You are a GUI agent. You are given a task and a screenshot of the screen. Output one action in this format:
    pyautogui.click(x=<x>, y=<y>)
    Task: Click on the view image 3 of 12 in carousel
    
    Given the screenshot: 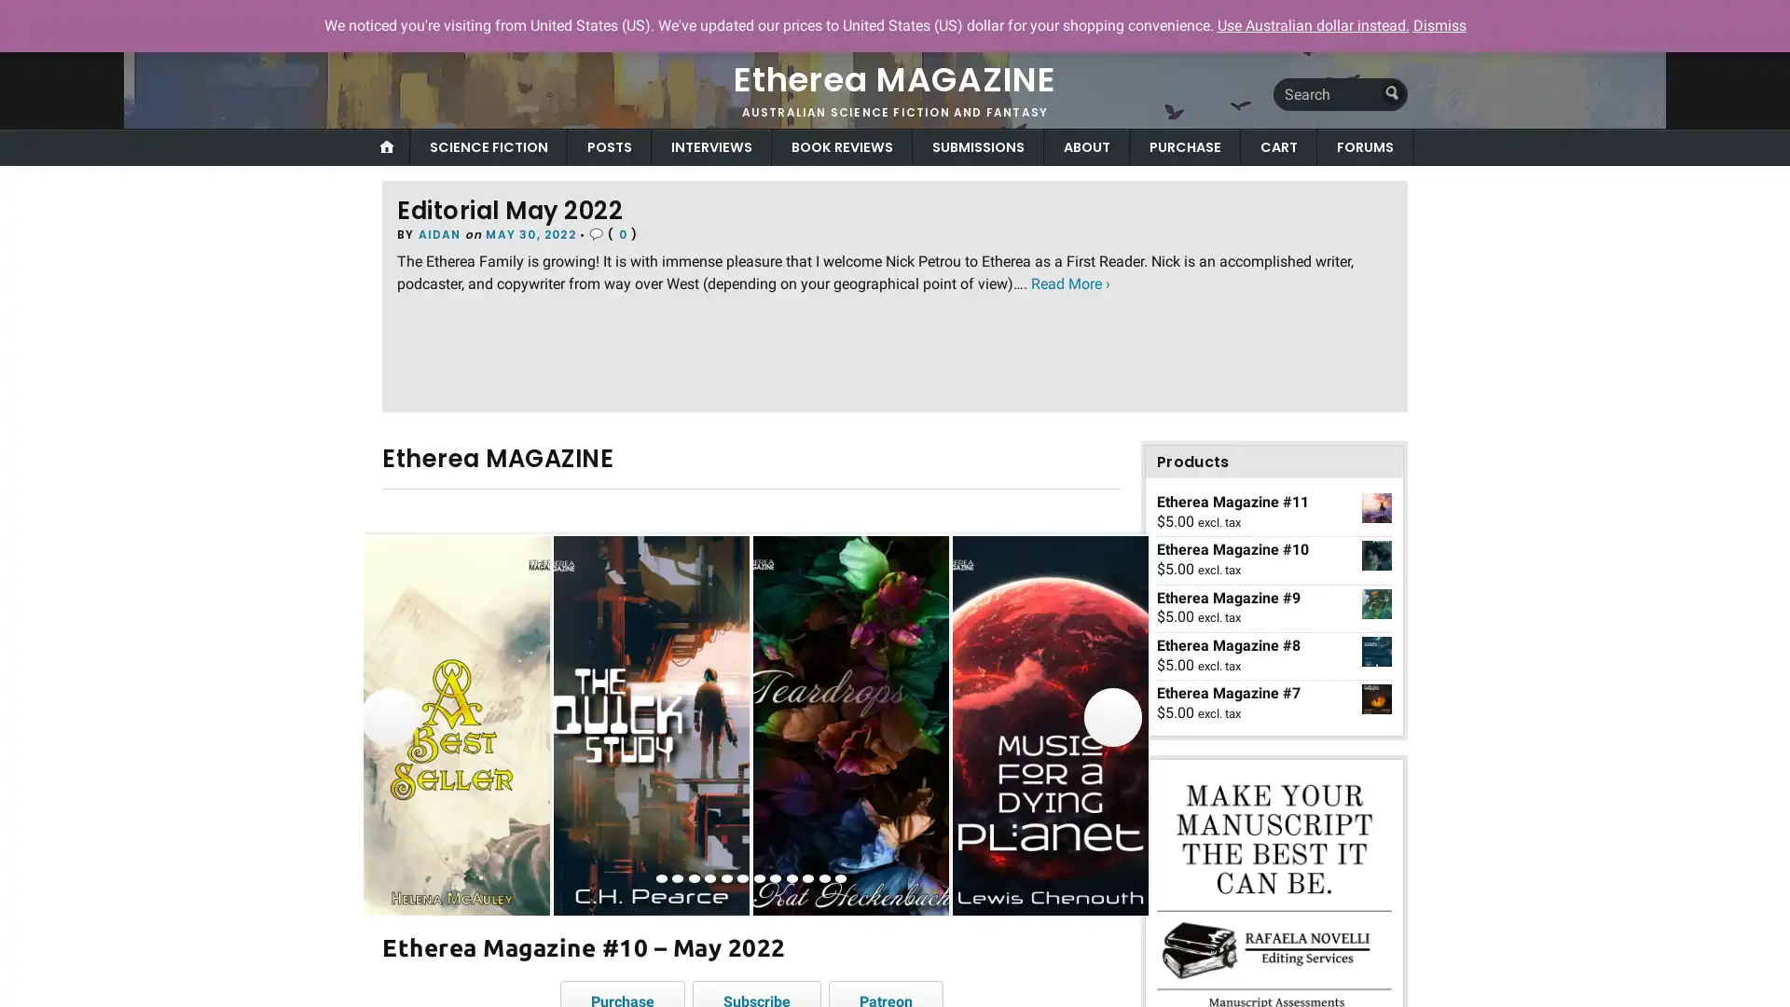 What is the action you would take?
    pyautogui.click(x=693, y=877)
    